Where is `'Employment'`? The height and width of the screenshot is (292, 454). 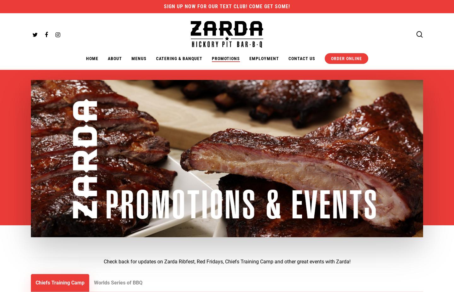 'Employment' is located at coordinates (264, 58).